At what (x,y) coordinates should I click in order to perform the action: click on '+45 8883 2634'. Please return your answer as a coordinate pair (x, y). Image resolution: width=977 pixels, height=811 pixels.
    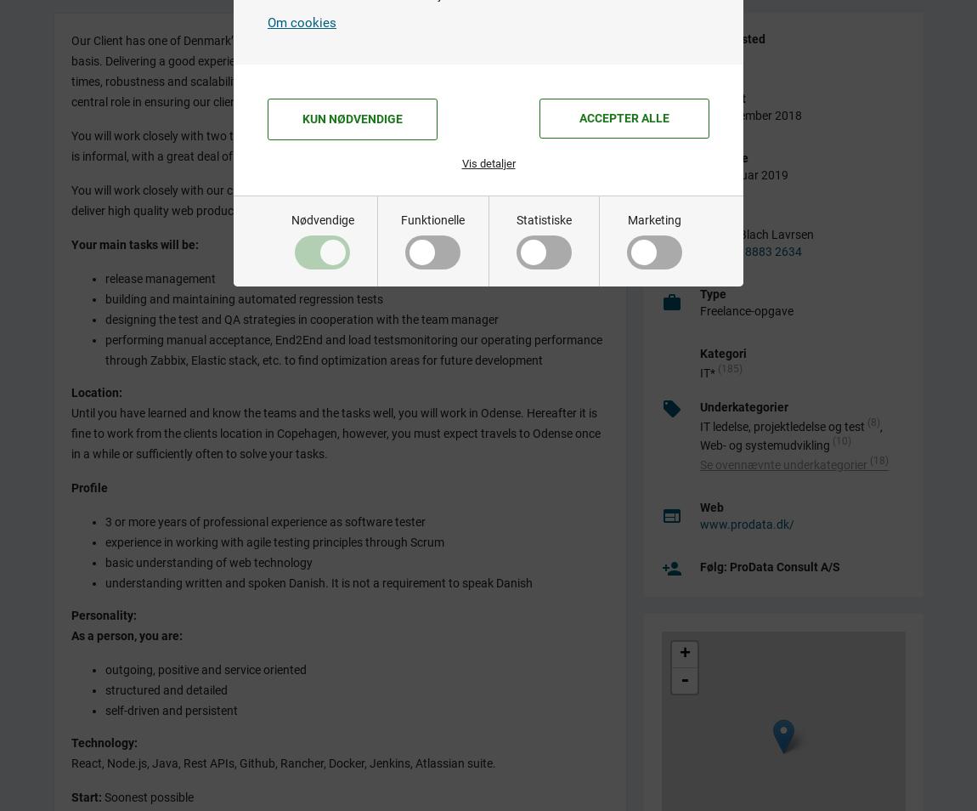
    Looking at the image, I should click on (720, 250).